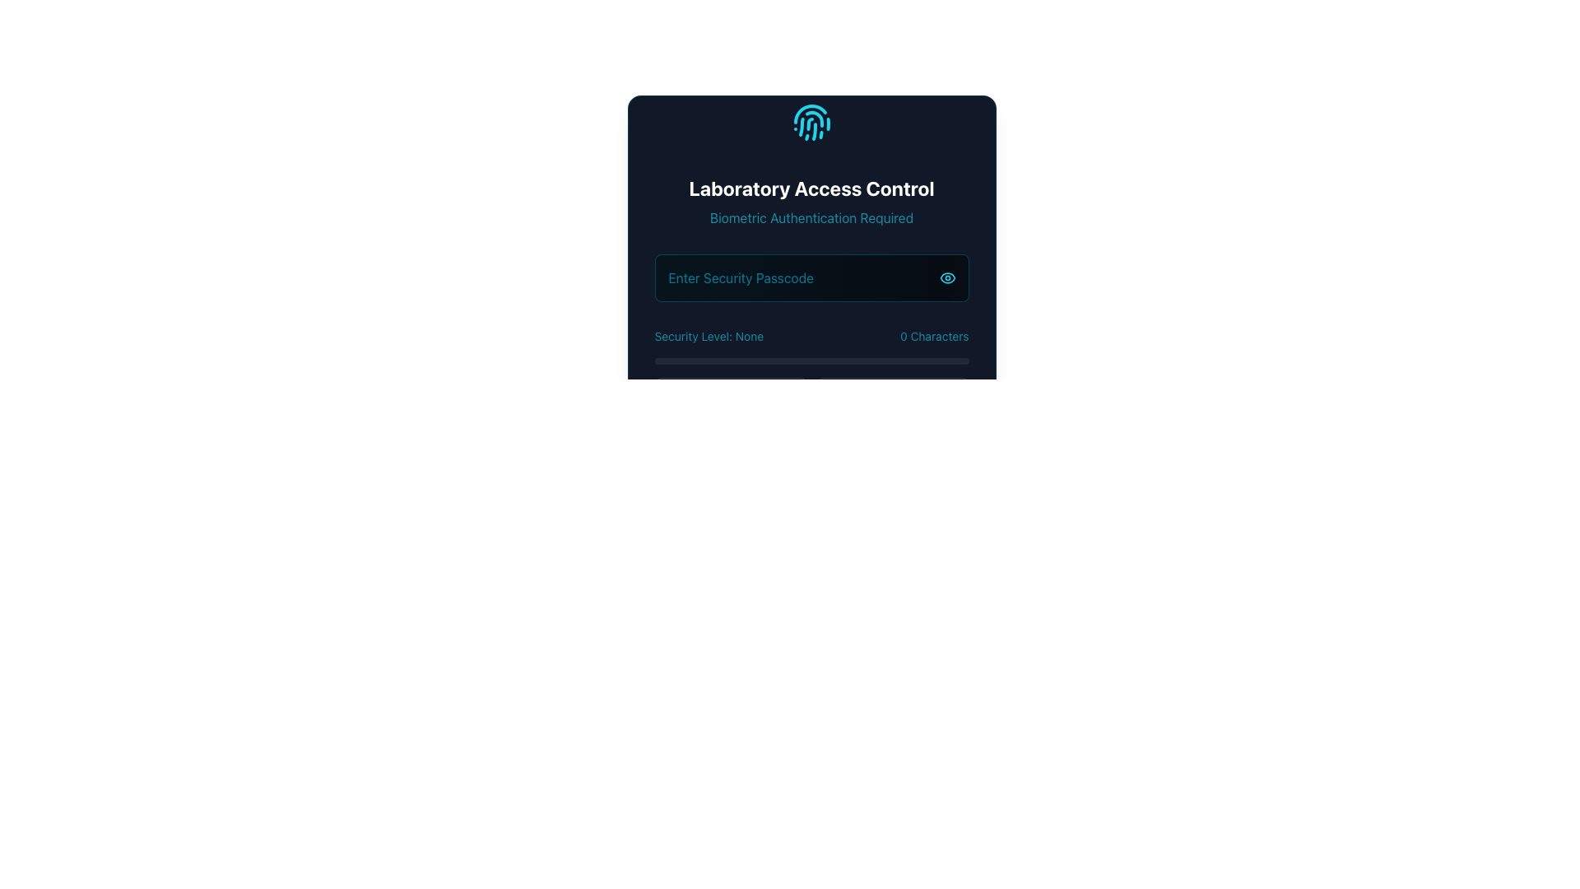 This screenshot has width=1580, height=889. What do you see at coordinates (811, 512) in the screenshot?
I see `the progress bar located at the bottom of the 'Laboratory Access Control' card, beneath the 'Enter Security Passcode' input field` at bounding box center [811, 512].